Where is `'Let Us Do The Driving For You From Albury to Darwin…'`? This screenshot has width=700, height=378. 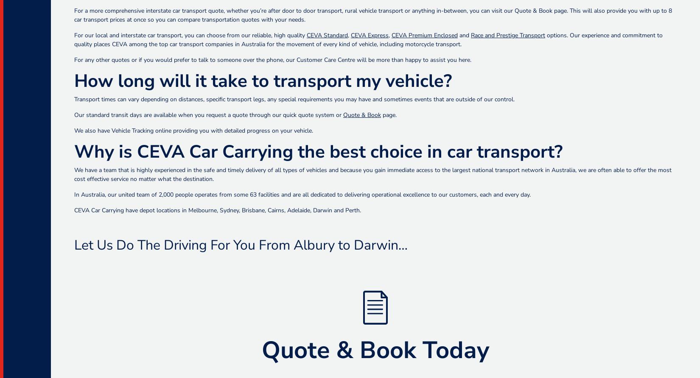 'Let Us Do The Driving For You From Albury to Darwin…' is located at coordinates (240, 245).